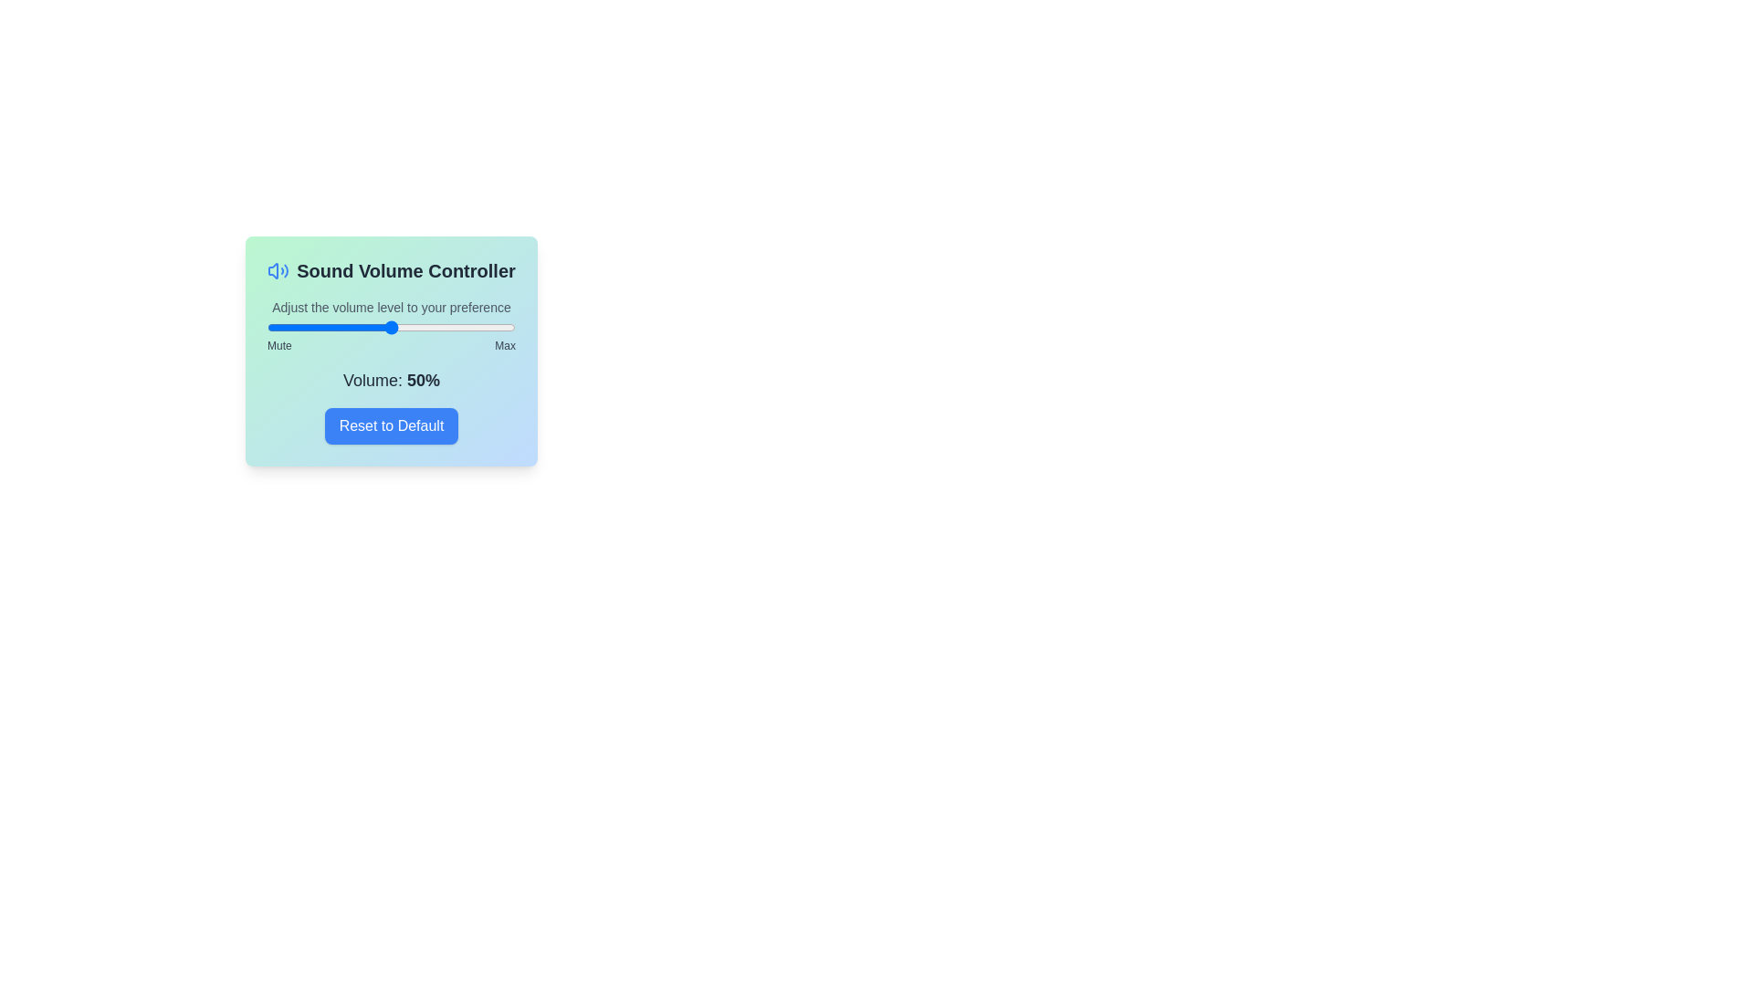  I want to click on the volume to 12 percent by dragging the slider, so click(297, 326).